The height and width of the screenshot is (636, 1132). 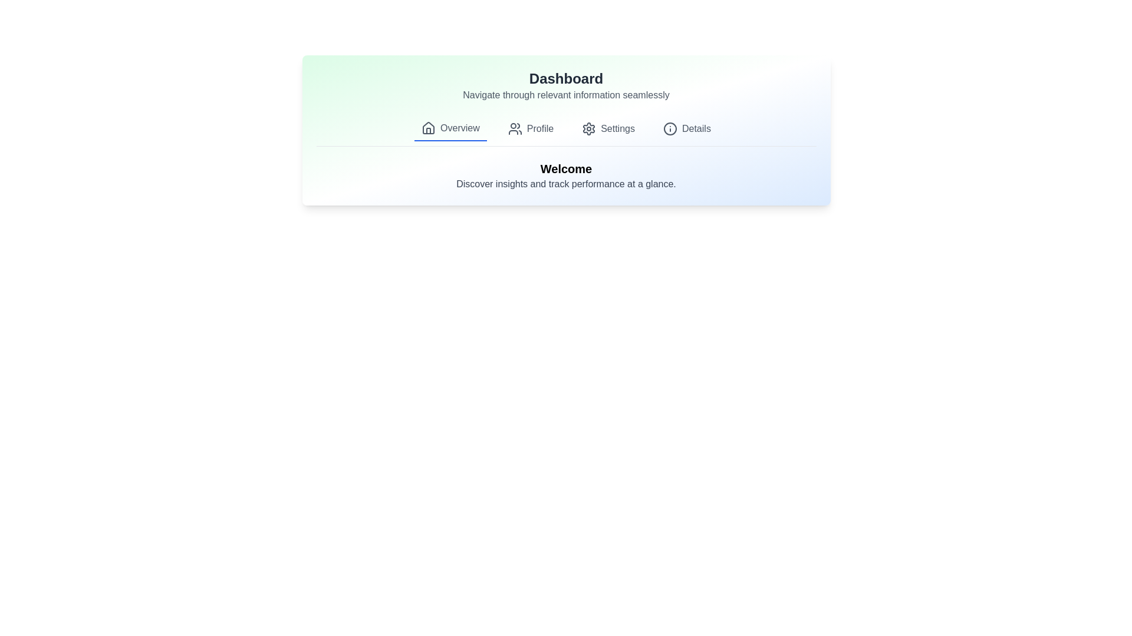 What do you see at coordinates (515, 129) in the screenshot?
I see `the 'Profile' icon in the navigation bar` at bounding box center [515, 129].